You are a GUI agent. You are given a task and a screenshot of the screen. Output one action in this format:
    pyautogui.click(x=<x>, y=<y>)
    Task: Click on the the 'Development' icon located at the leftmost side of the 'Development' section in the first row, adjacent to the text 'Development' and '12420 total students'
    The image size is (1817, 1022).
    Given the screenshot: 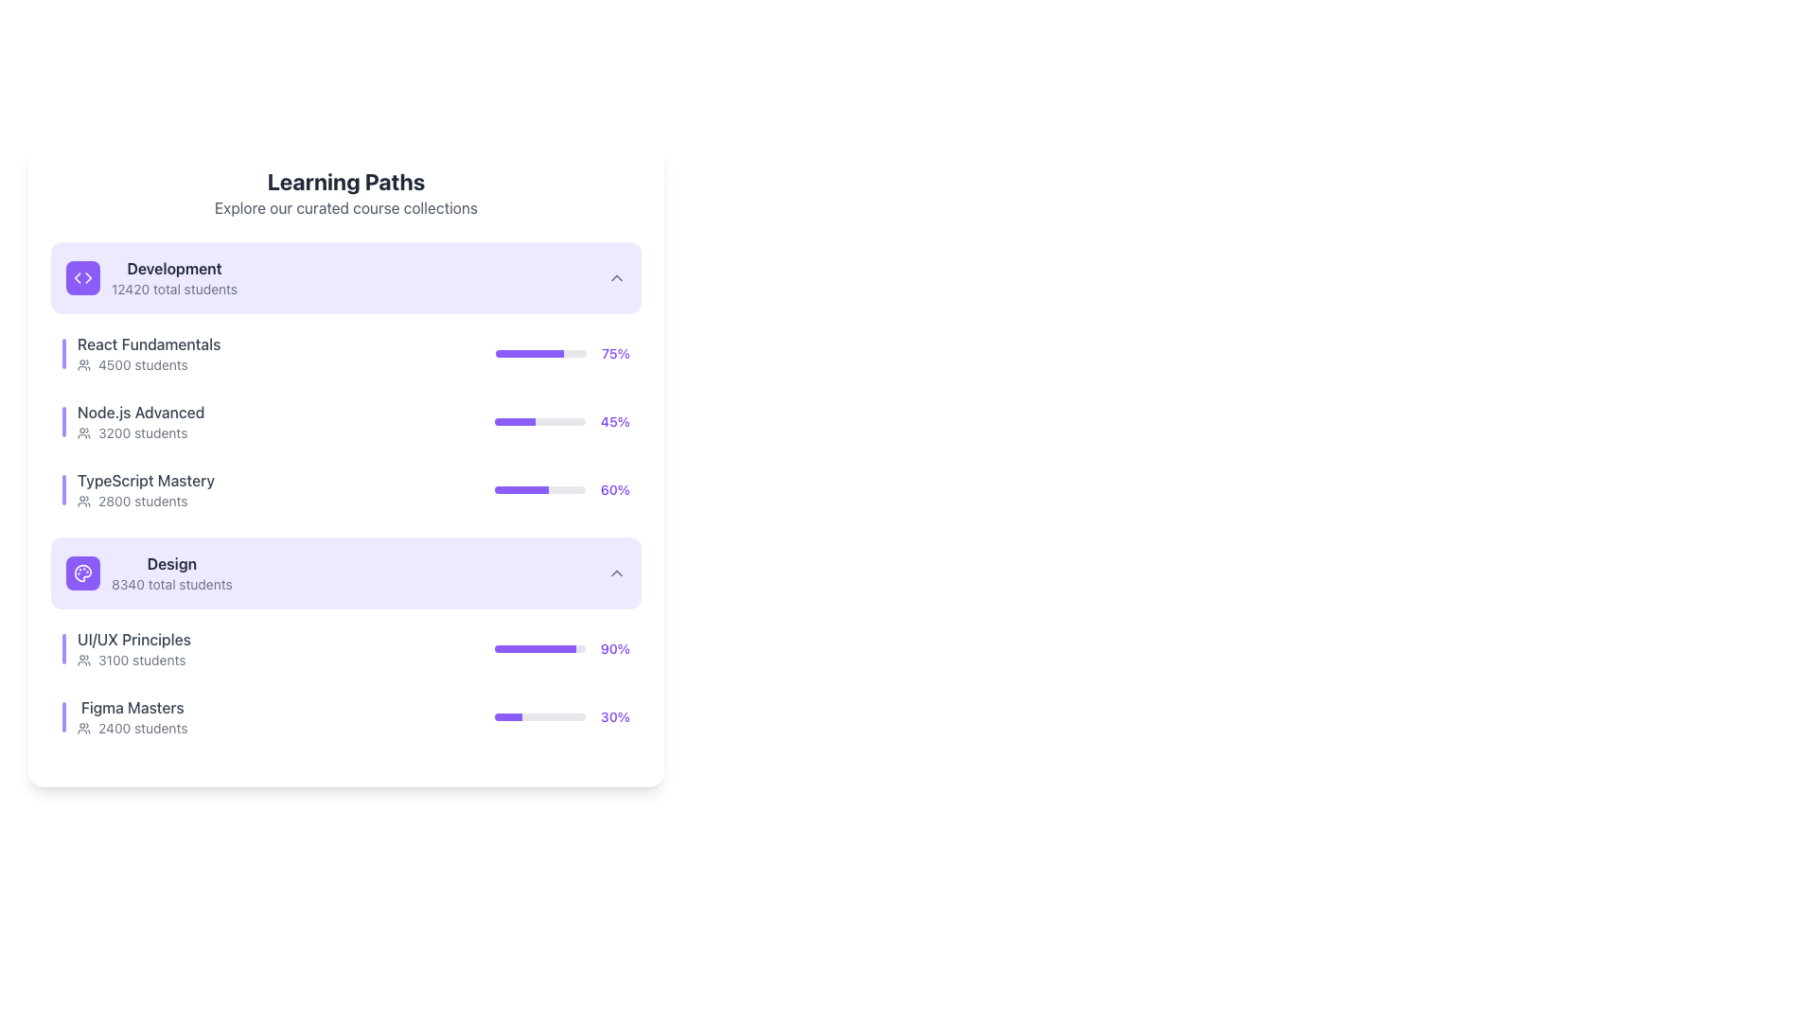 What is the action you would take?
    pyautogui.click(x=81, y=277)
    